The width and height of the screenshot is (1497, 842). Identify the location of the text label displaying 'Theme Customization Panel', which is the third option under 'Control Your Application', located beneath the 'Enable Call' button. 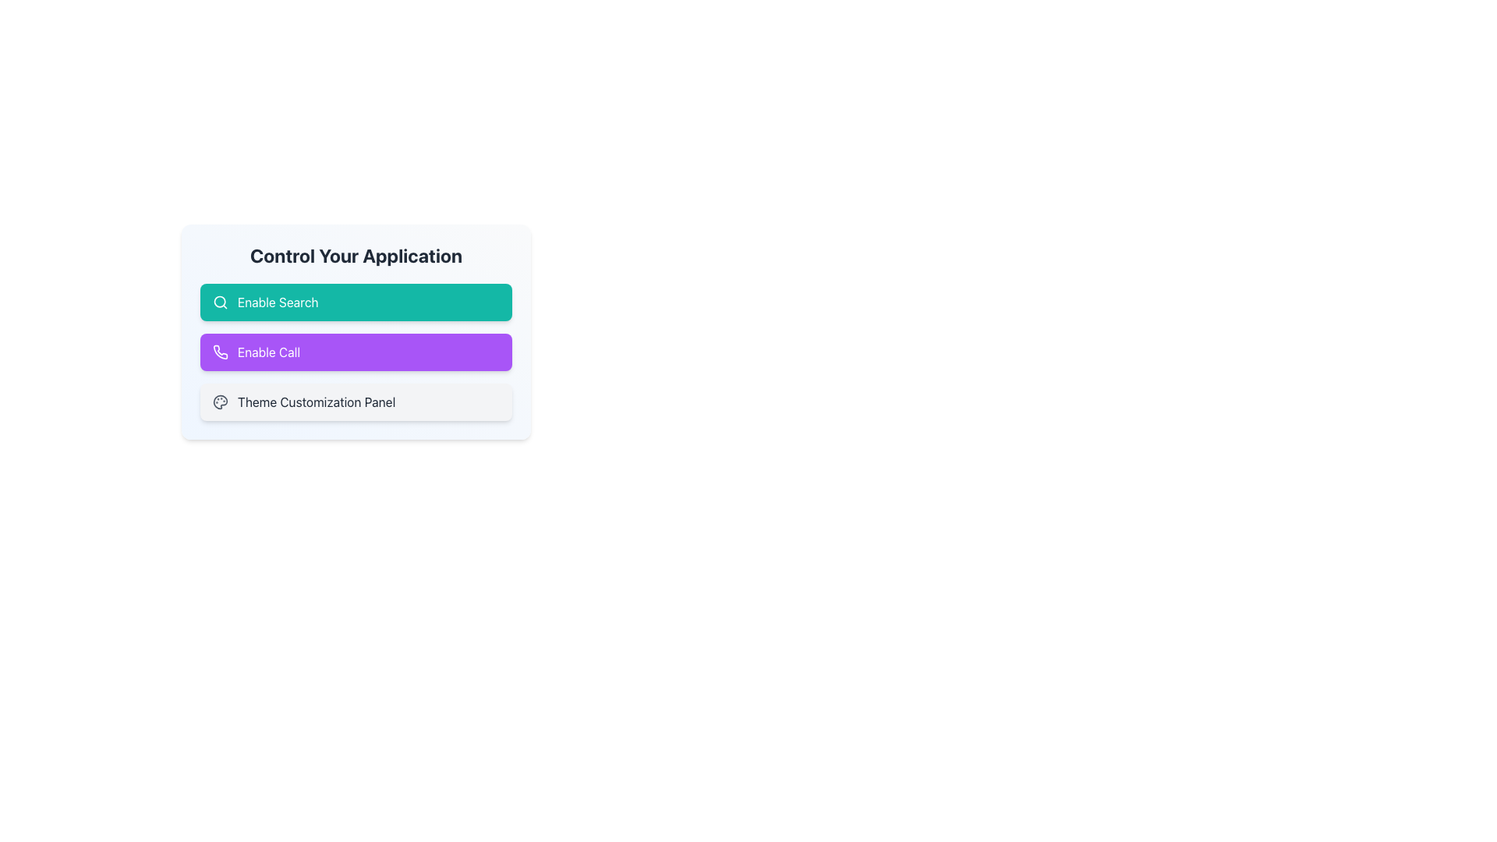
(316, 402).